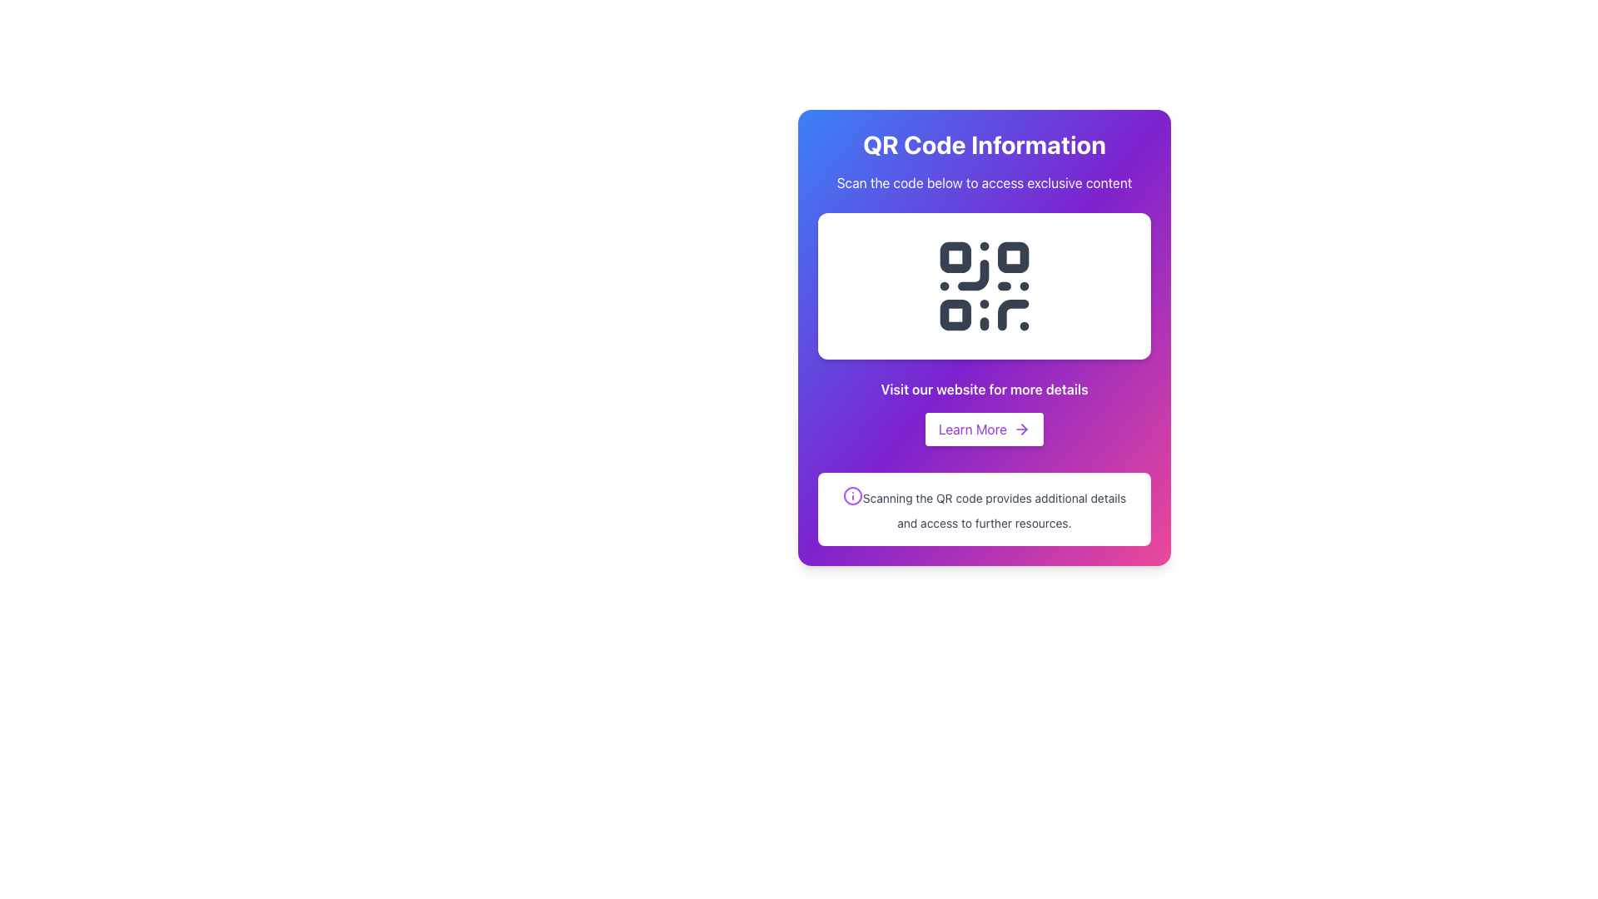 The height and width of the screenshot is (899, 1598). I want to click on the button in the composite element that provides additional information and a pathway to learn more, positioned below the QR code in the card structure, so click(984, 412).